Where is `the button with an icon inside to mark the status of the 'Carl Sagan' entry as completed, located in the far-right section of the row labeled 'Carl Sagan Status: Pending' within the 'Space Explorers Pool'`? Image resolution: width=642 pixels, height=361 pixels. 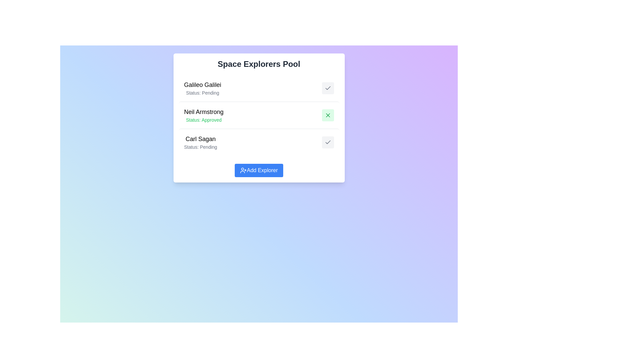
the button with an icon inside to mark the status of the 'Carl Sagan' entry as completed, located in the far-right section of the row labeled 'Carl Sagan Status: Pending' within the 'Space Explorers Pool' is located at coordinates (328, 142).